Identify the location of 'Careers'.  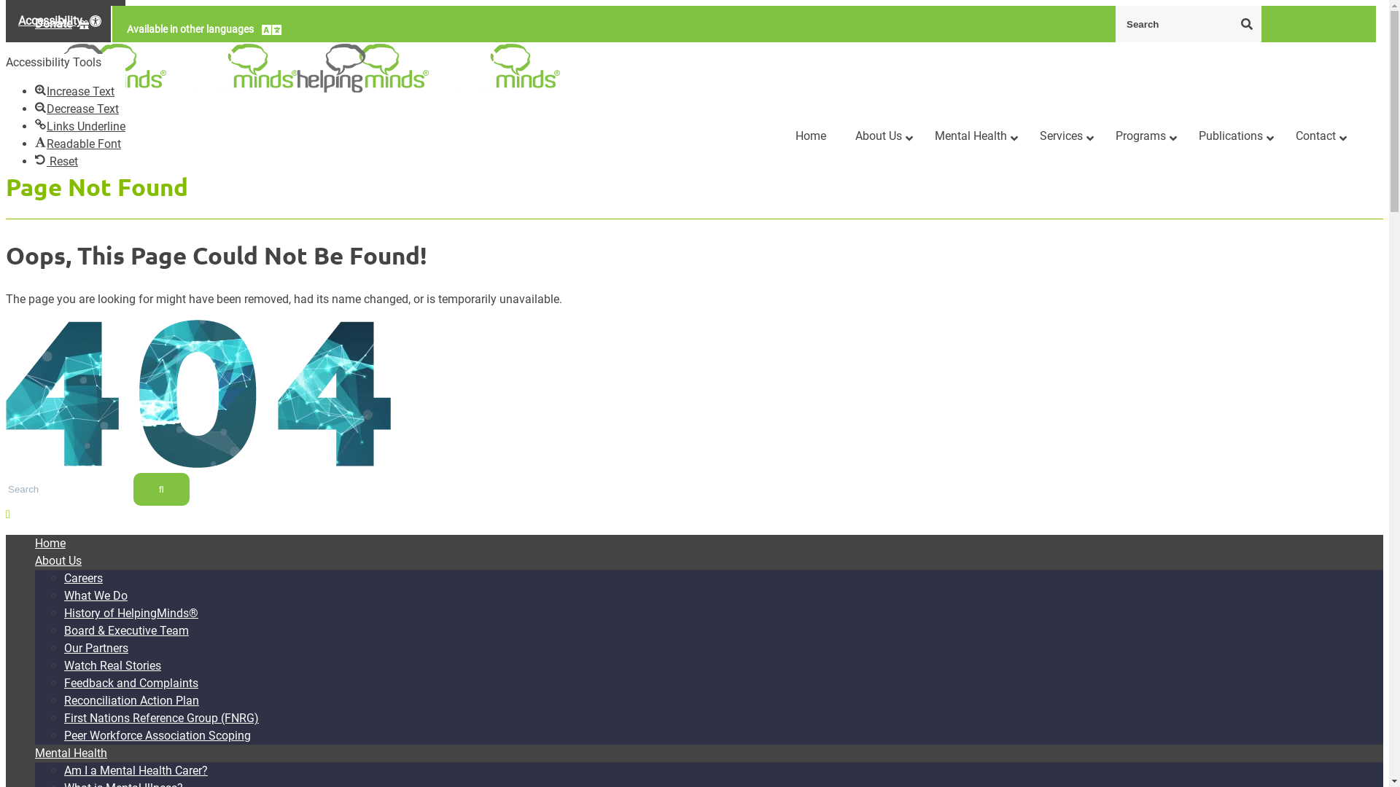
(82, 577).